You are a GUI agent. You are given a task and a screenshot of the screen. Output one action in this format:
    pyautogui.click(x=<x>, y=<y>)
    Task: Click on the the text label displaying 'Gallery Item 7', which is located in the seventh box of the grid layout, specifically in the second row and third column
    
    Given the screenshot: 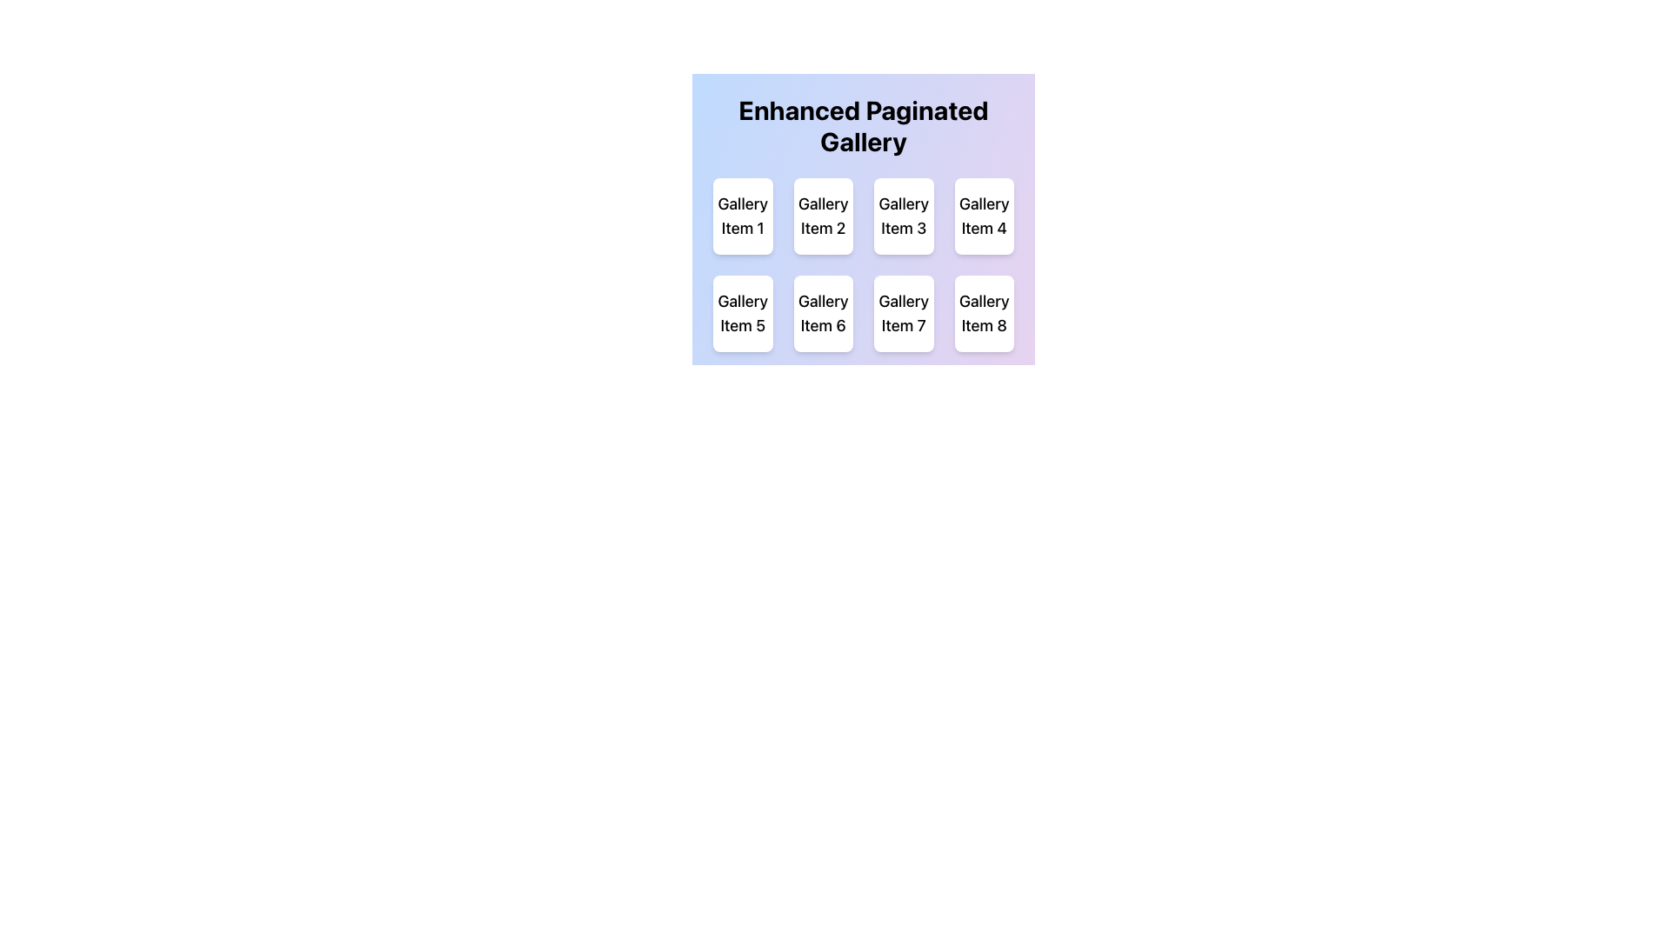 What is the action you would take?
    pyautogui.click(x=904, y=314)
    